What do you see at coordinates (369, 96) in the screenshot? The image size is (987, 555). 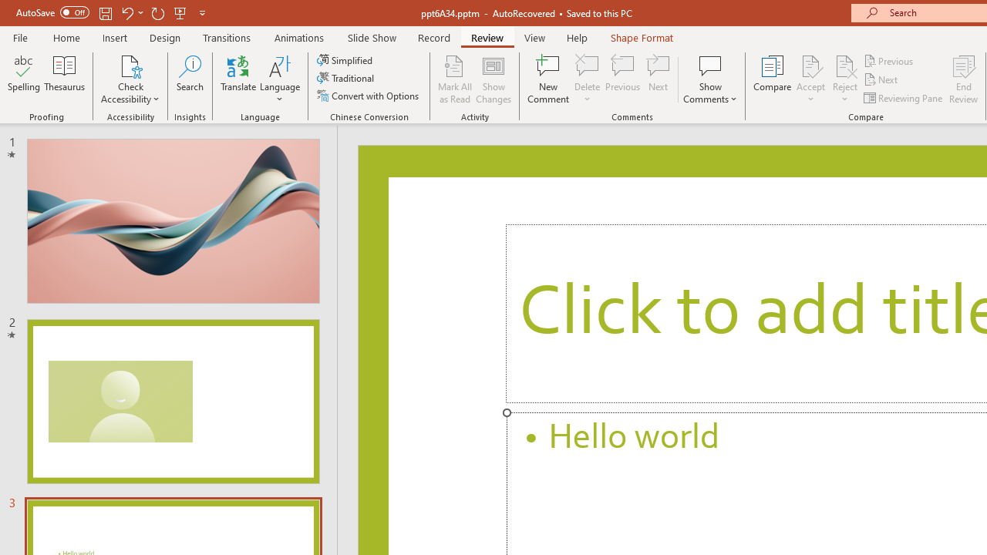 I see `'Convert with Options...'` at bounding box center [369, 96].